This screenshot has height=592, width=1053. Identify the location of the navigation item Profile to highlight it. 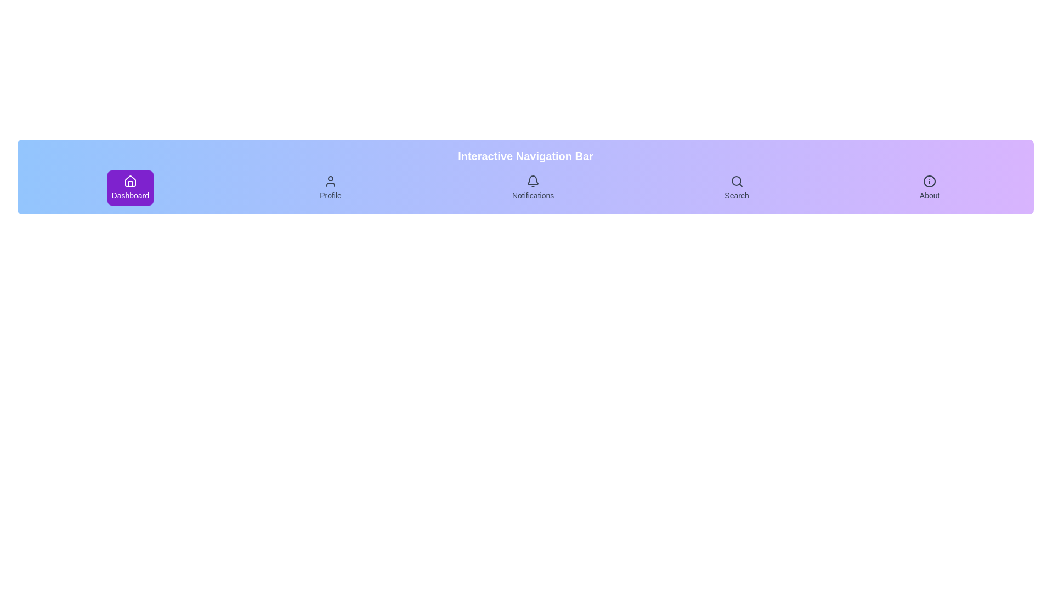
(330, 187).